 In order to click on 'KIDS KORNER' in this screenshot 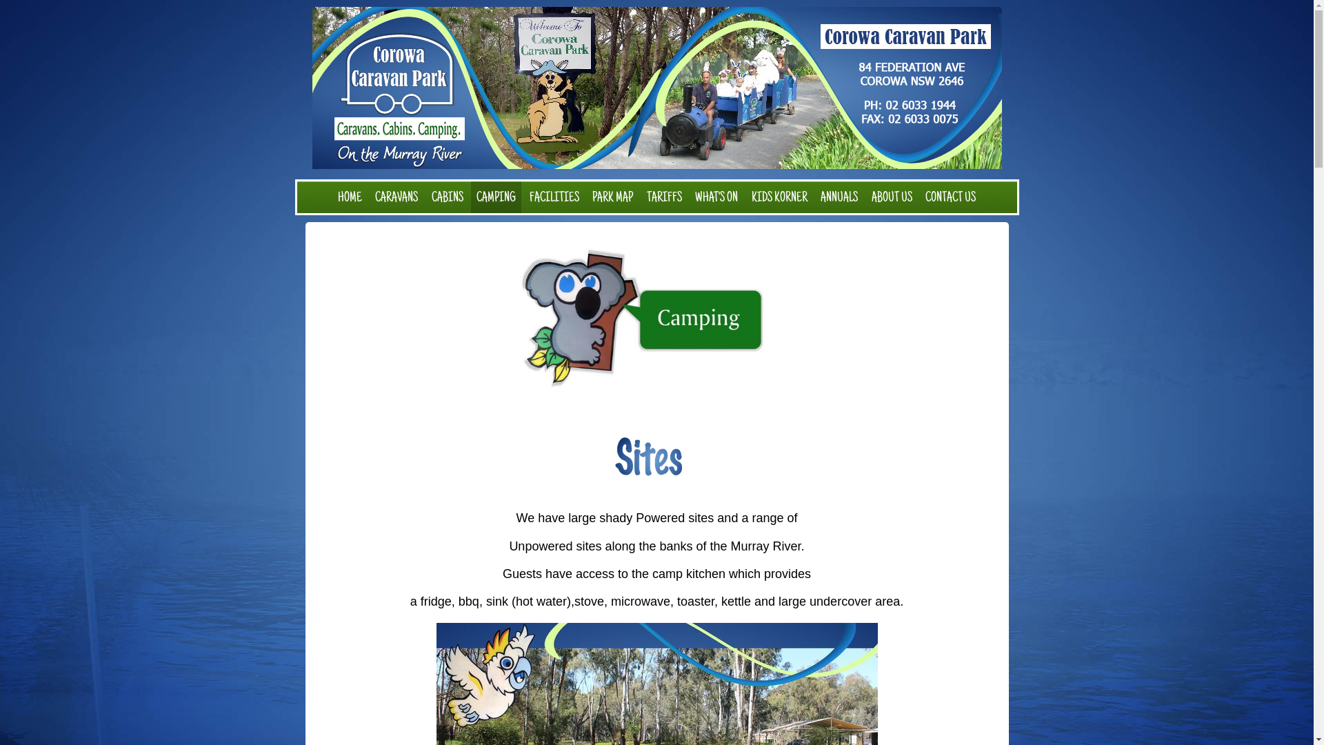, I will do `click(779, 197)`.